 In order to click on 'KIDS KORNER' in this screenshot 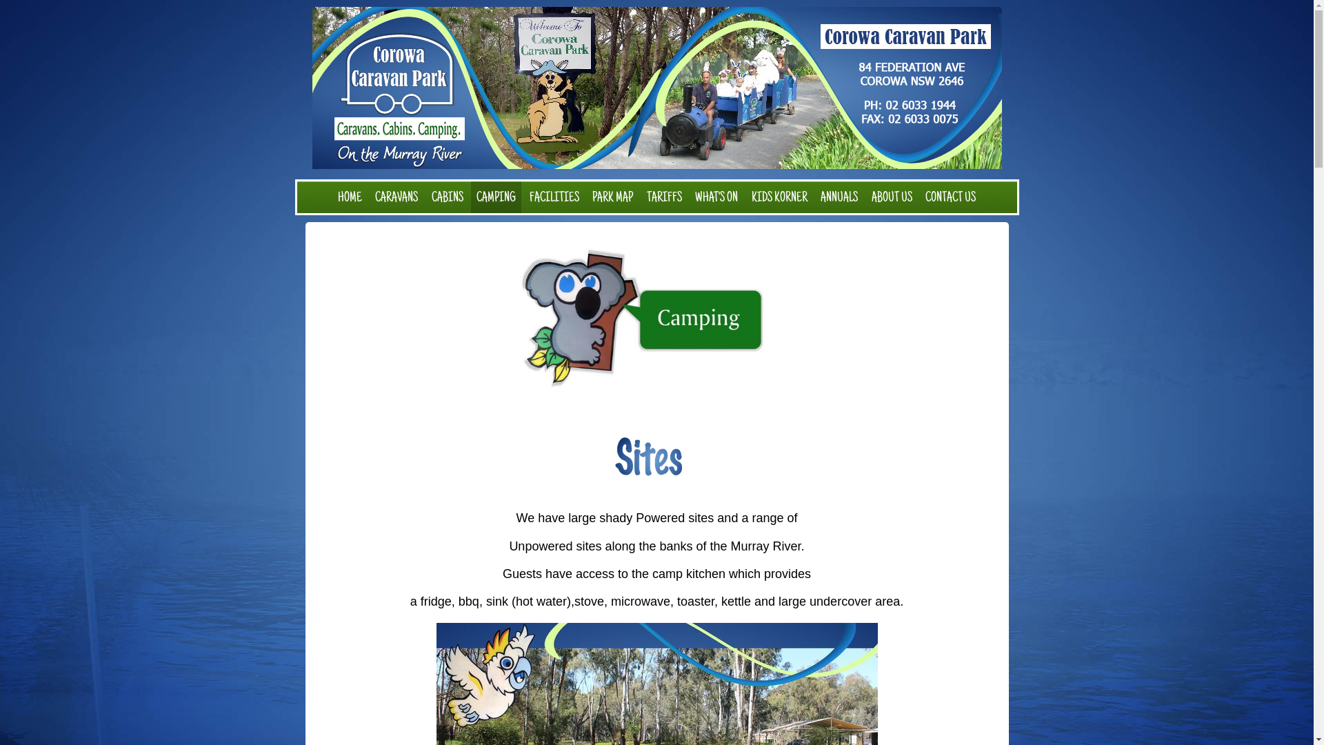, I will do `click(779, 197)`.